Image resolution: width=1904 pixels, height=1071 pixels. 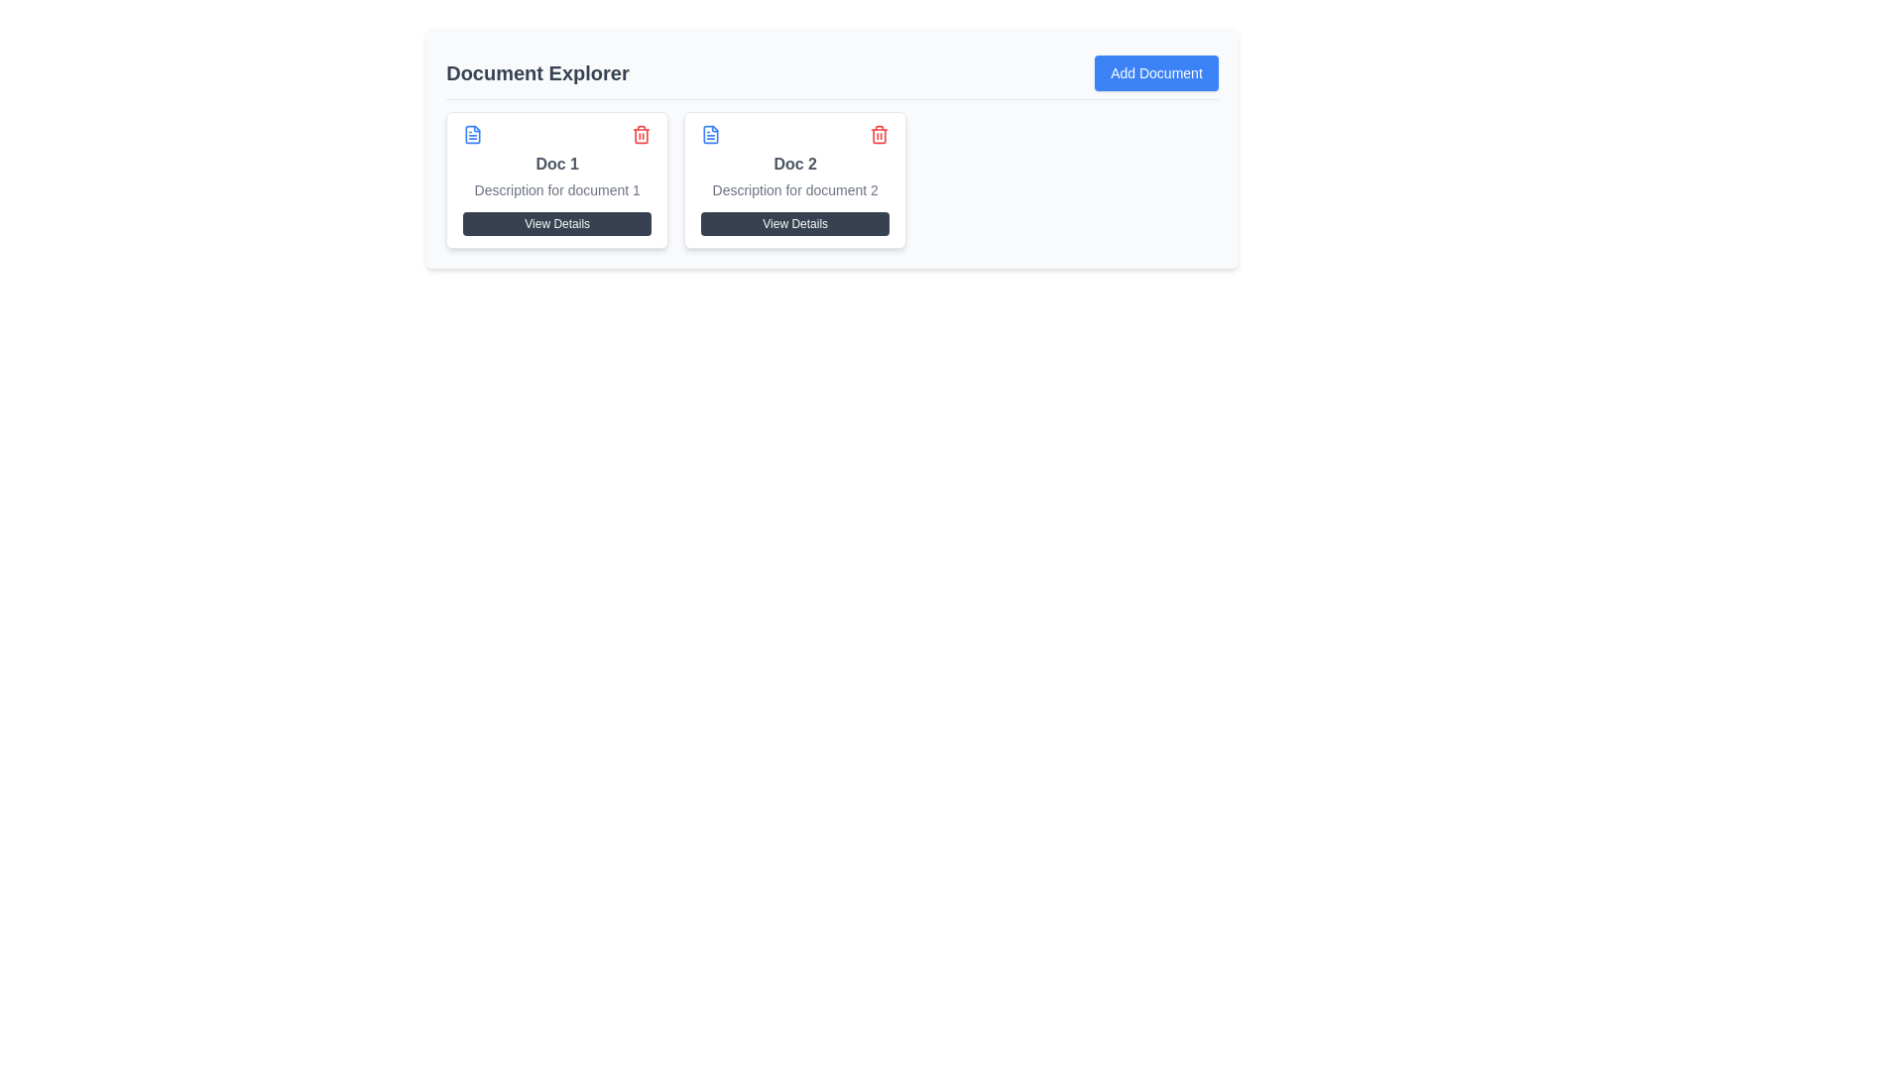 I want to click on the vibrant red trash can icon located in the 'Document Explorer' interface to the right of 'Doc 1' and above the 'View Details' button to initiate the delete action, so click(x=642, y=134).